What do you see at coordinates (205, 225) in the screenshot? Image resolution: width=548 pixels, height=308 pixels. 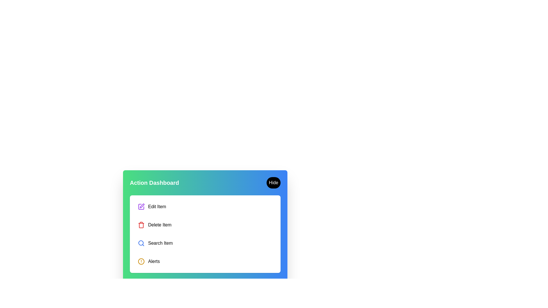 I see `the second List Item with an Icon and Text labeled 'Delete Item', which features a red trash bin icon and is positioned below 'Edit Item'` at bounding box center [205, 225].